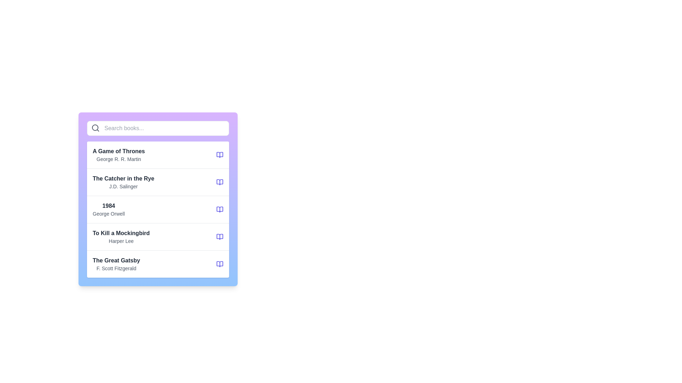 The image size is (682, 383). What do you see at coordinates (121, 240) in the screenshot?
I see `the label displaying the author name 'Harper Lee,' which is styled in a small light gray font and located directly beneath the title 'To Kill a Mockingbird.'` at bounding box center [121, 240].